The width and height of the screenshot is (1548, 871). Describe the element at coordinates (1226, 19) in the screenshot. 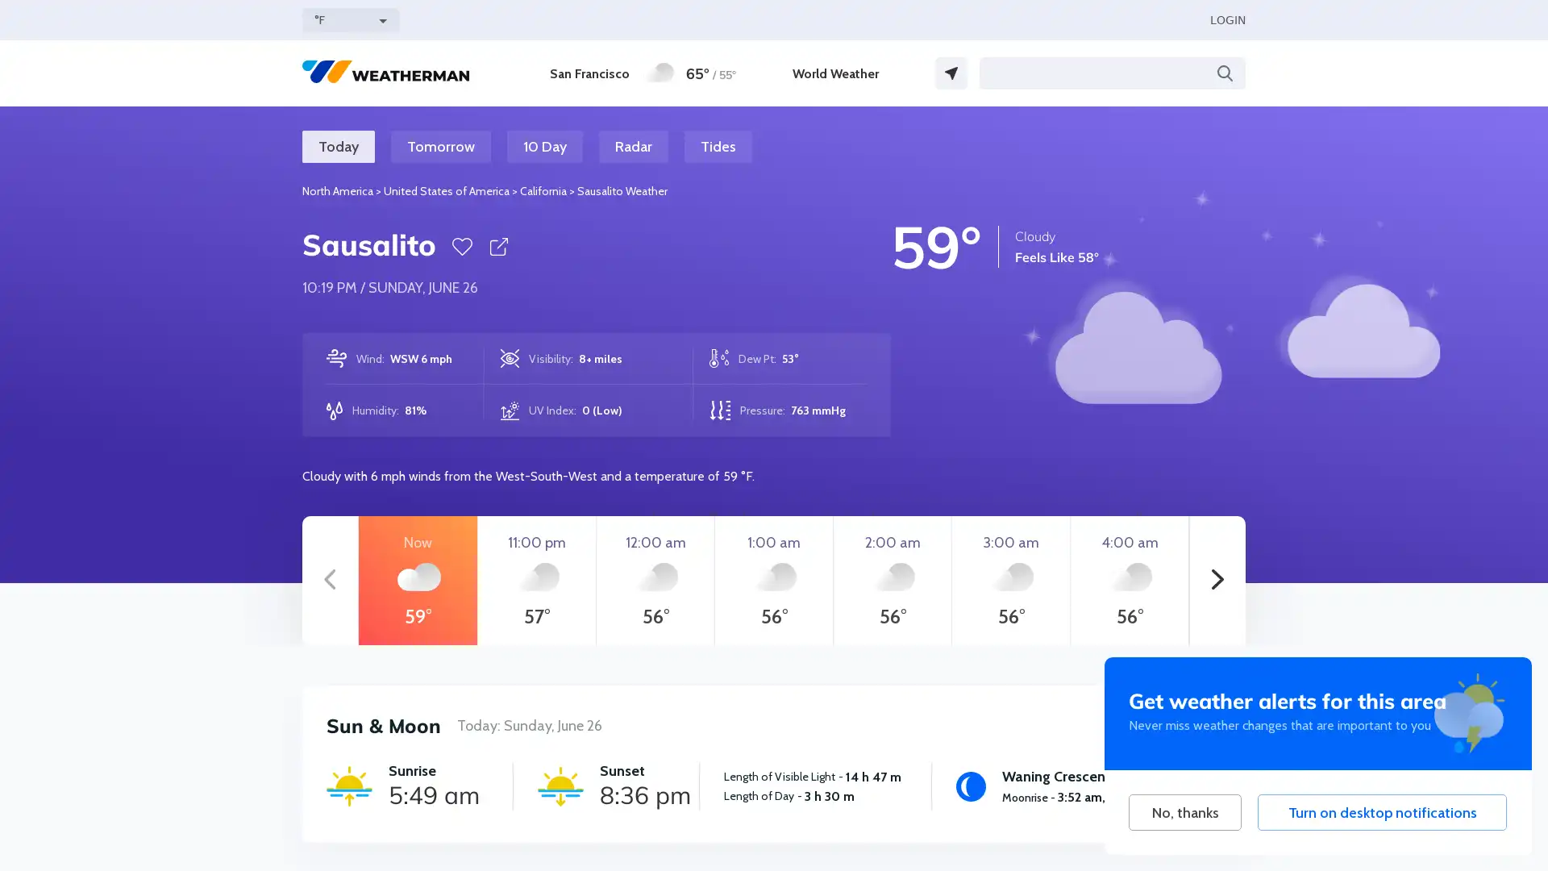

I see `LOGIN` at that location.